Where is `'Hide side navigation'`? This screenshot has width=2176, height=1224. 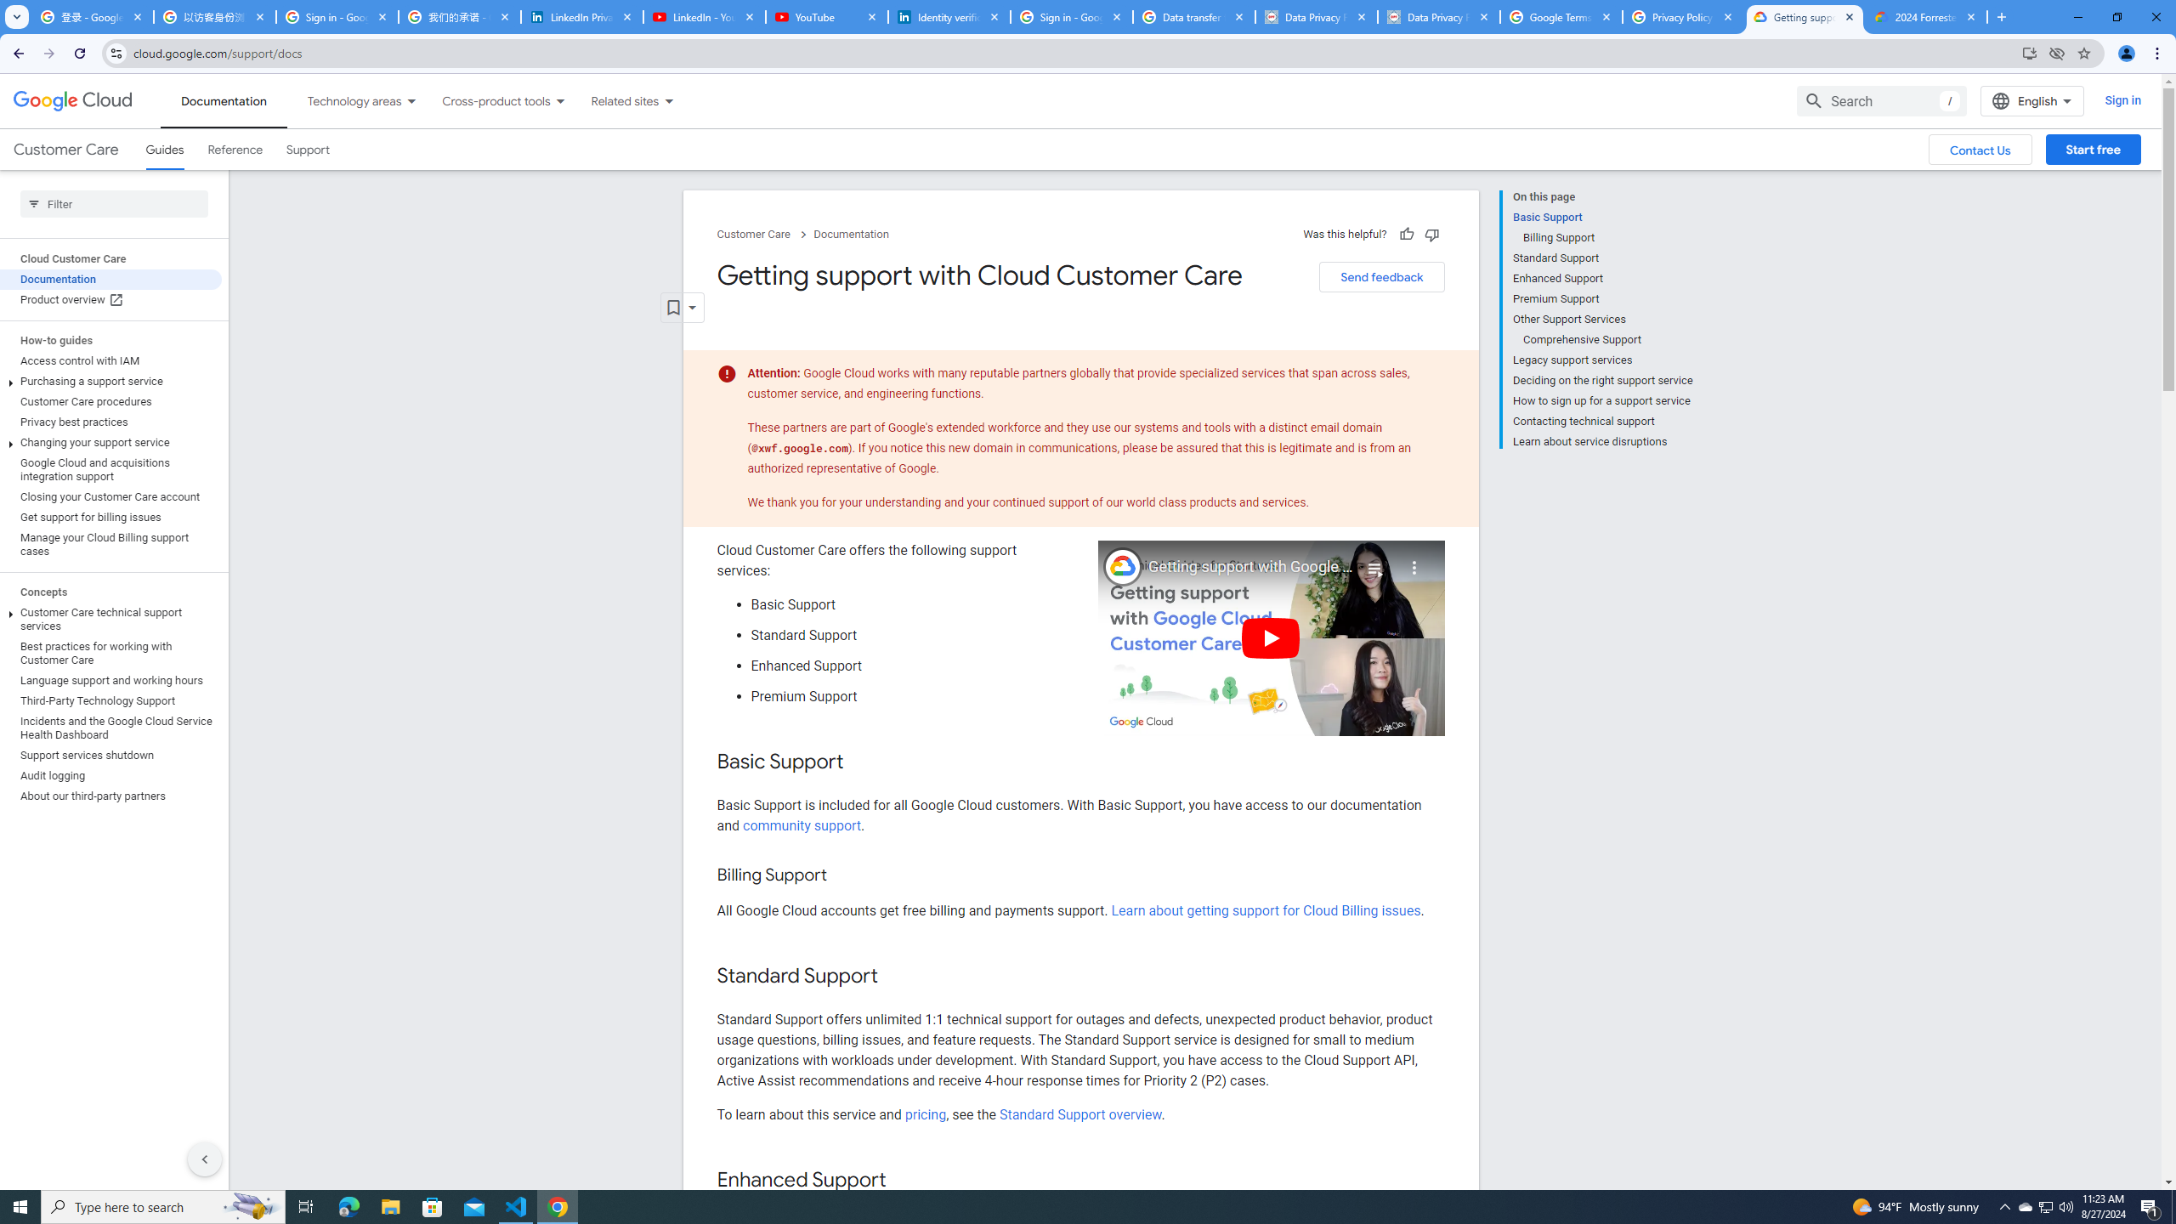
'Hide side navigation' is located at coordinates (204, 1159).